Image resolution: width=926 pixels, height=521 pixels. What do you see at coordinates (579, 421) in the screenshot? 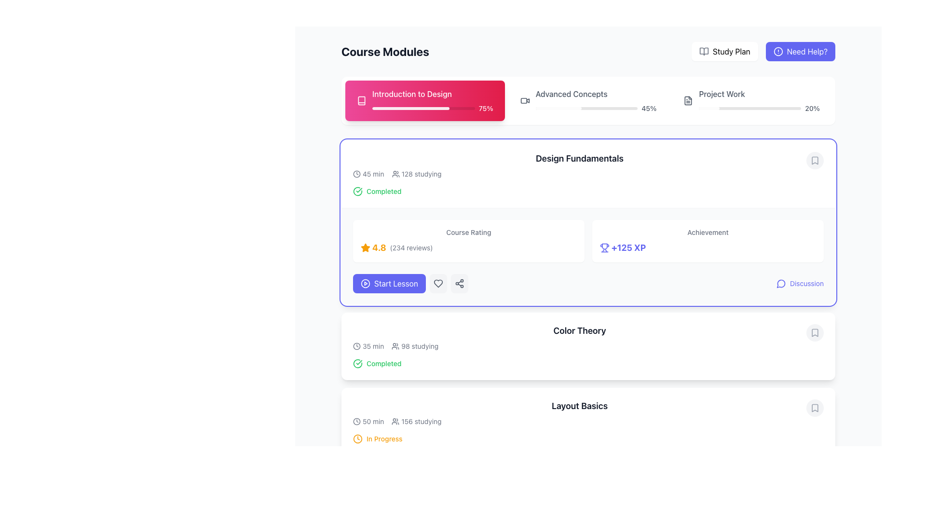
I see `the informational grouping that displays the estimated duration of the session and the number of people currently studying, located below the 'Layout Basics' title` at bounding box center [579, 421].